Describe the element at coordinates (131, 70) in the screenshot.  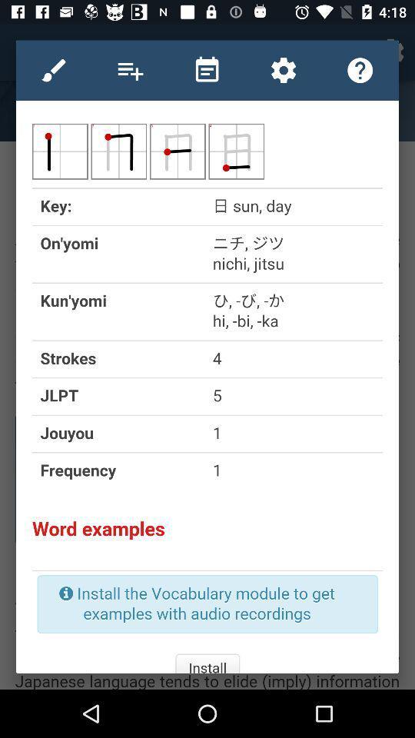
I see `increase` at that location.